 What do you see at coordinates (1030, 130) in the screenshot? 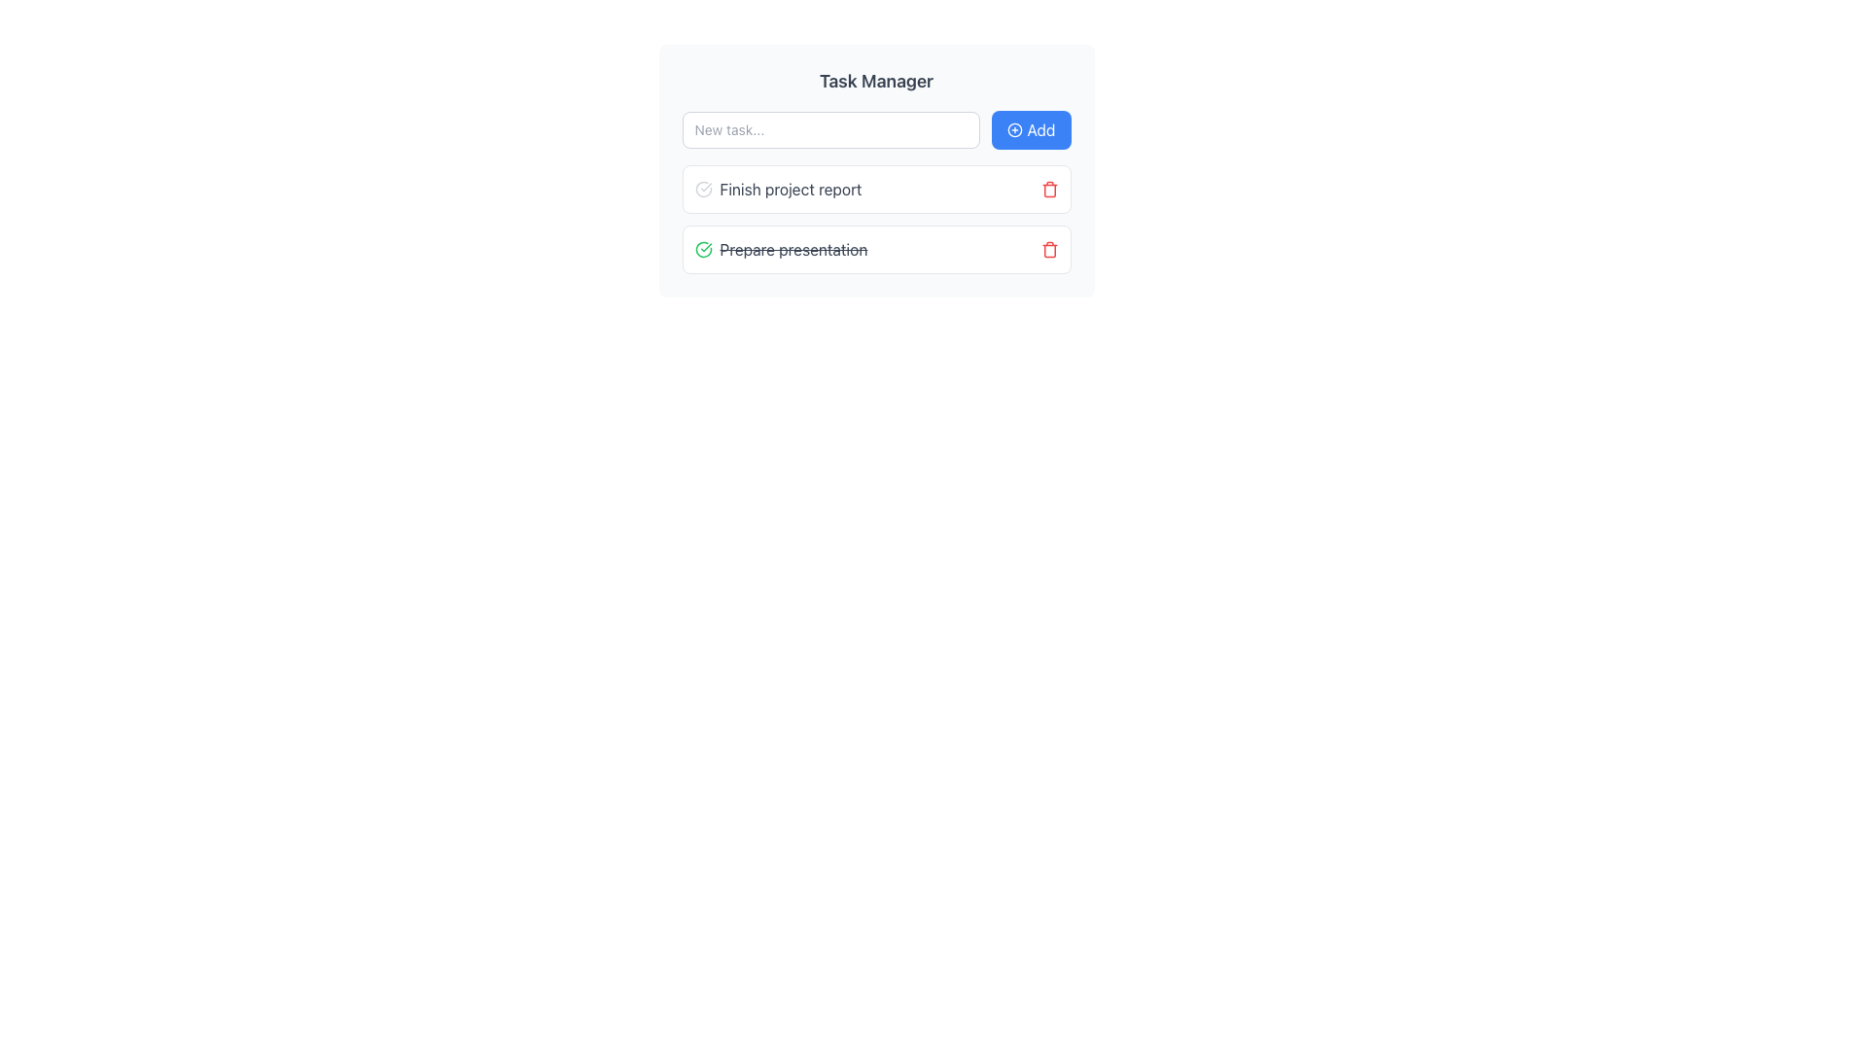
I see `the button located in the top-right corner of the horizontal grouping` at bounding box center [1030, 130].